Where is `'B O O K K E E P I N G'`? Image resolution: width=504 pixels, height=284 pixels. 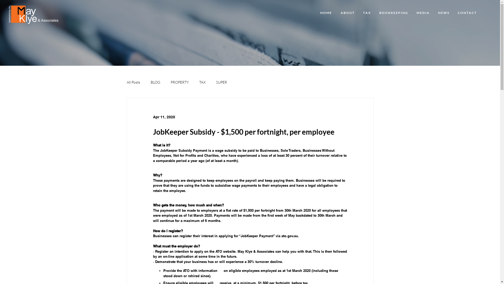
'B O O K K E E P I N G' is located at coordinates (393, 13).